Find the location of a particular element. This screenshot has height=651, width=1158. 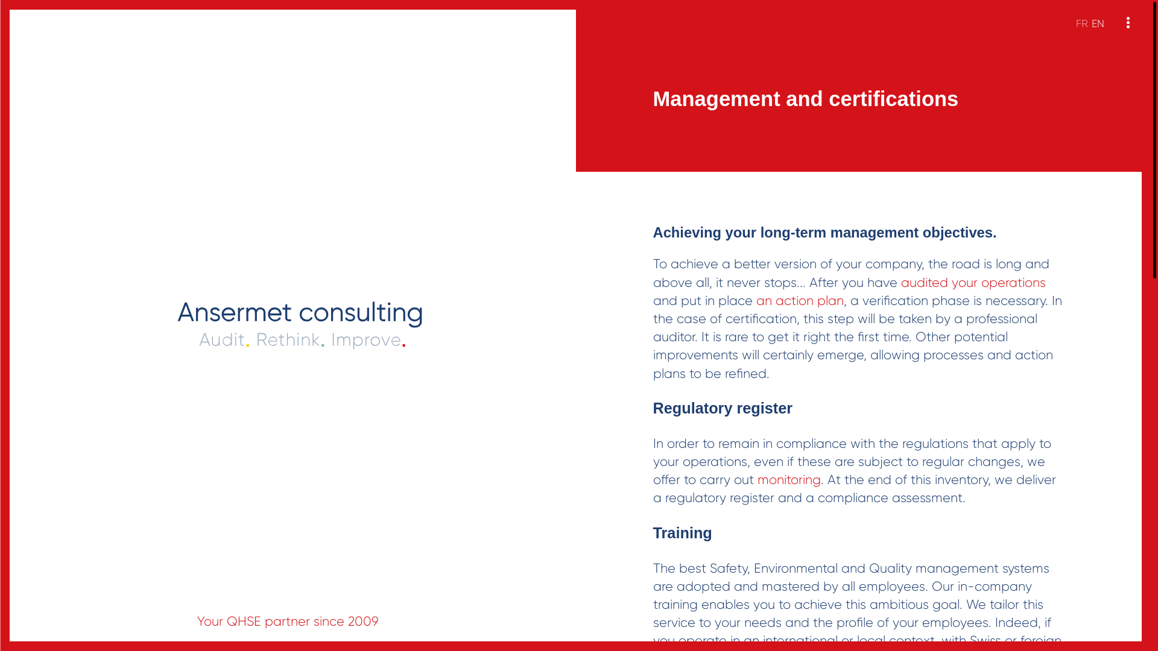

'audited your operations' is located at coordinates (973, 283).